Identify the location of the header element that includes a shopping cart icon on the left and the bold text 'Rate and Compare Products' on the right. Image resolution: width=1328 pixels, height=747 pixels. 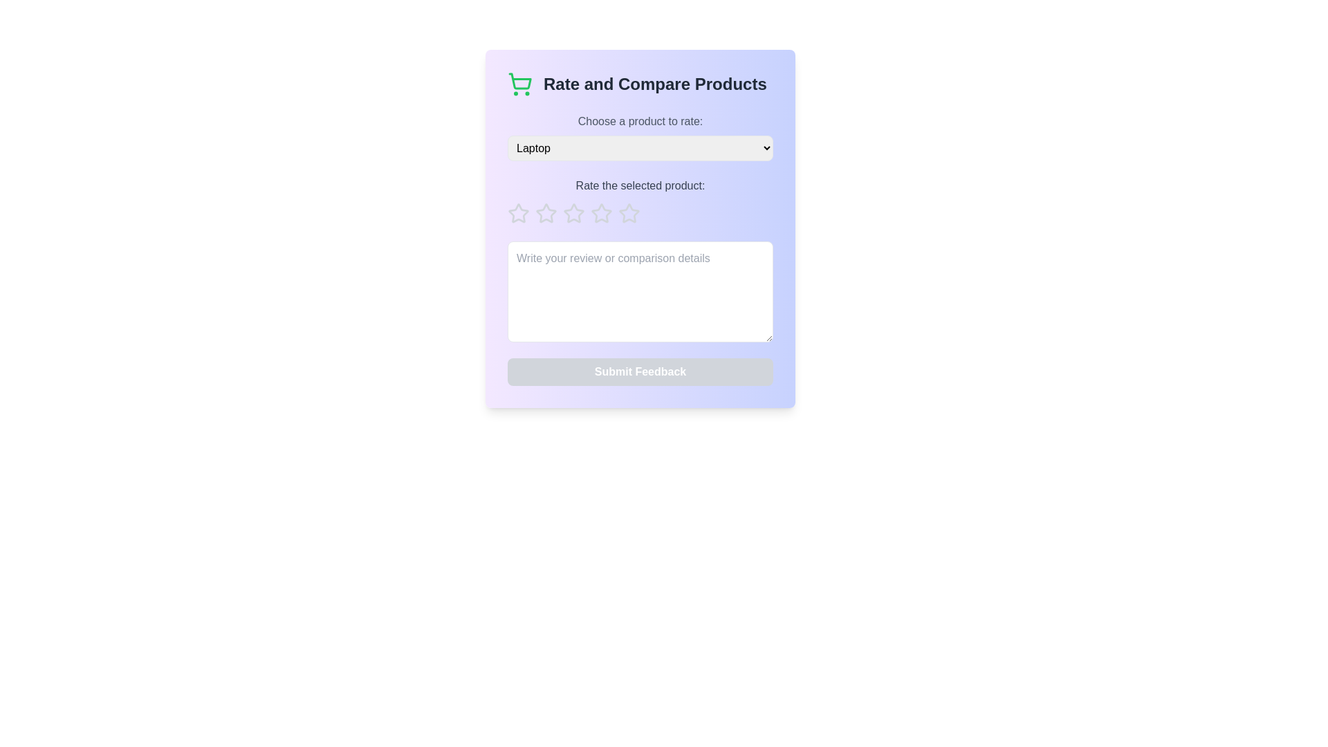
(640, 84).